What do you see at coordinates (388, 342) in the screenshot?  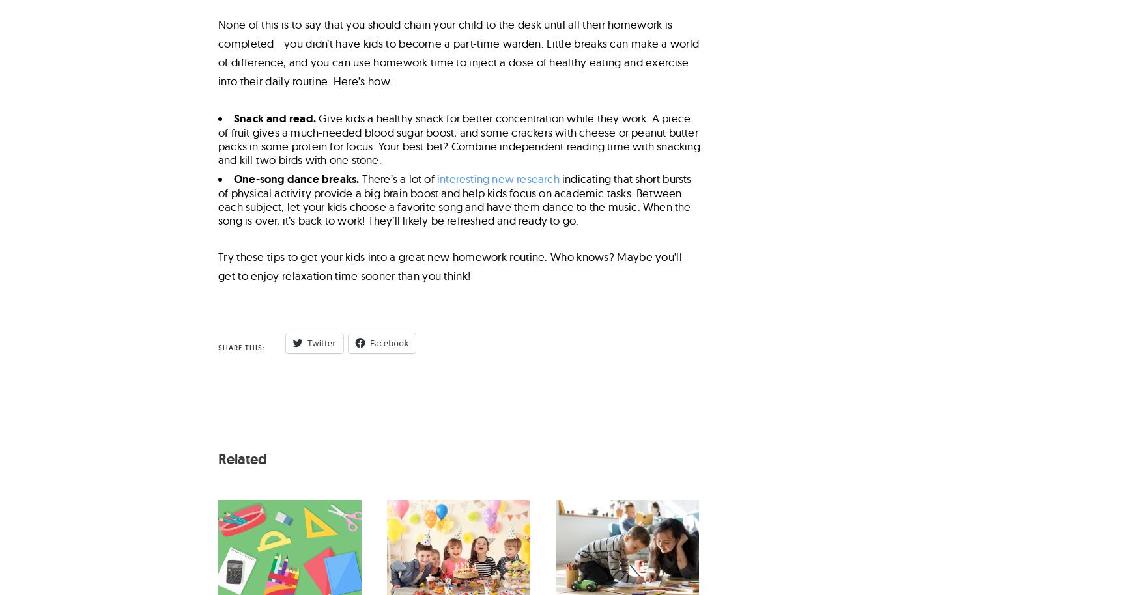 I see `'Facebook'` at bounding box center [388, 342].